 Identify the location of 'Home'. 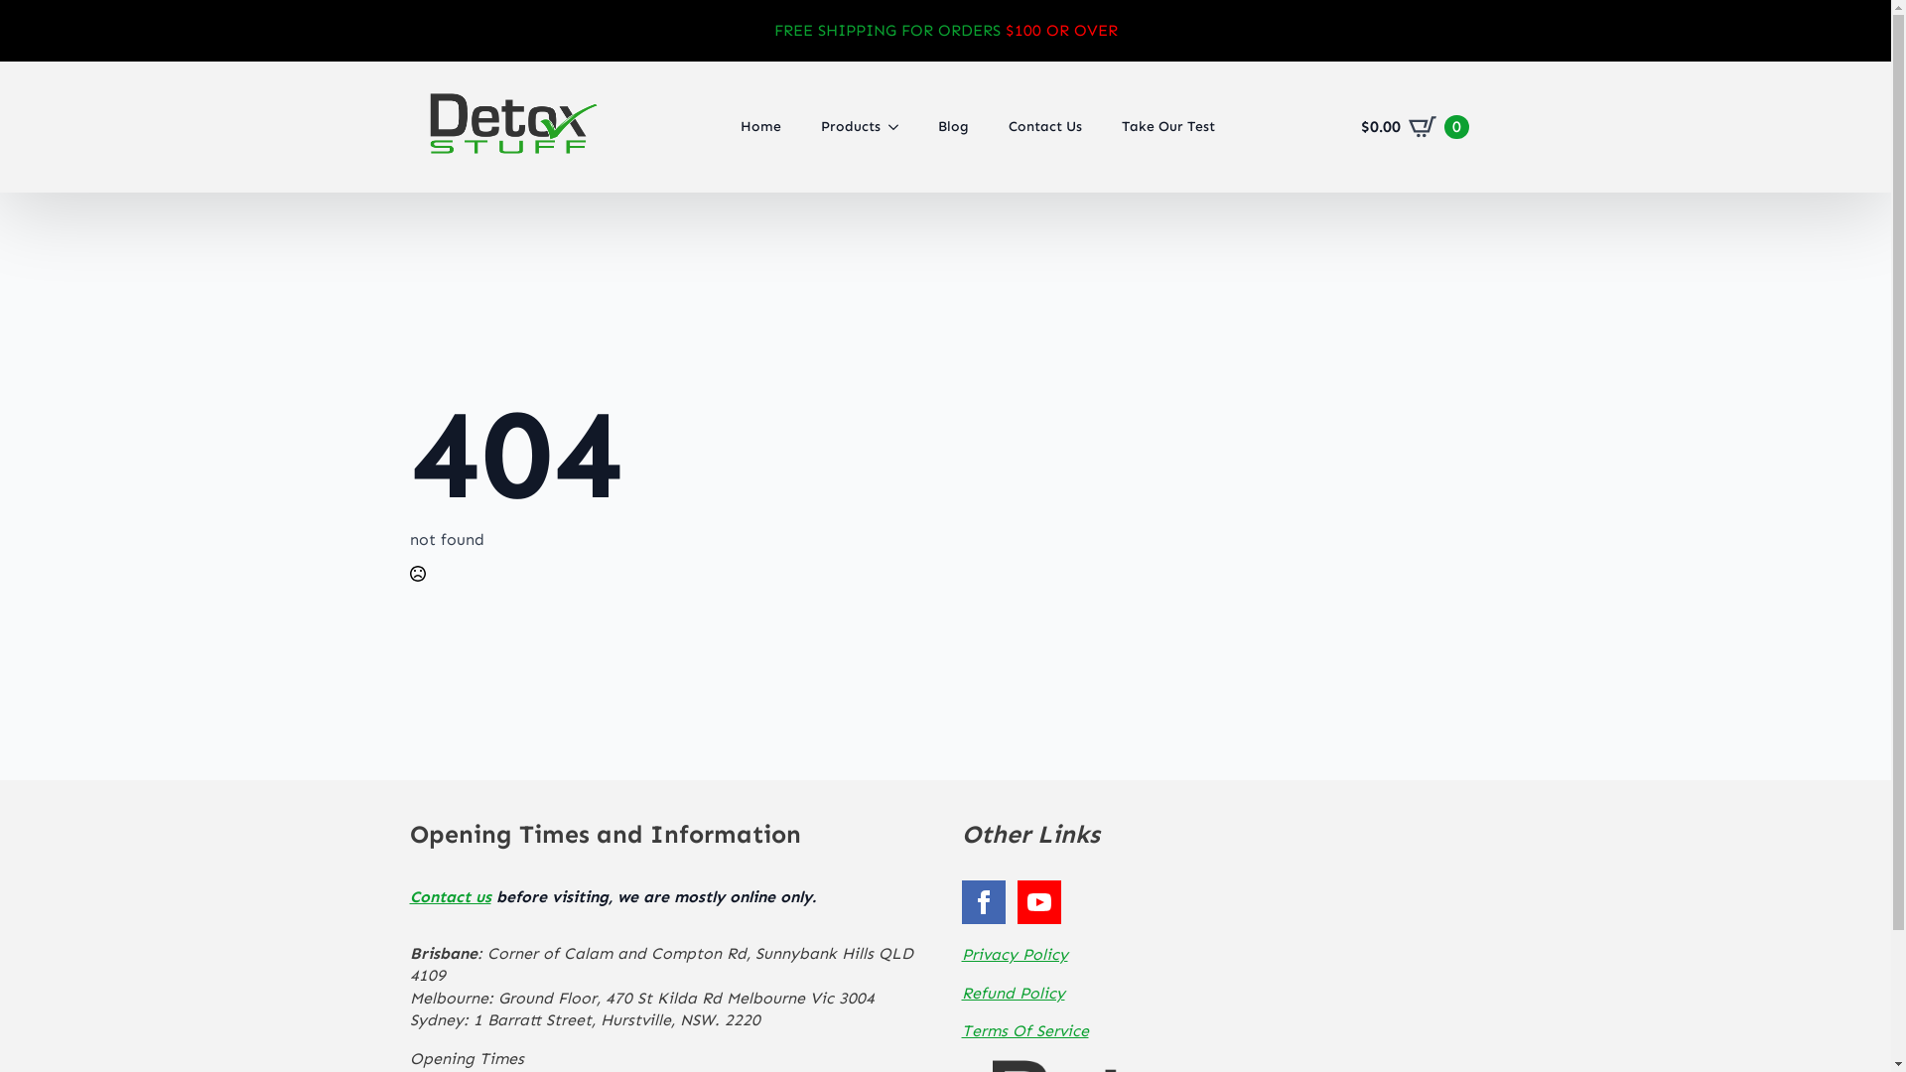
(759, 126).